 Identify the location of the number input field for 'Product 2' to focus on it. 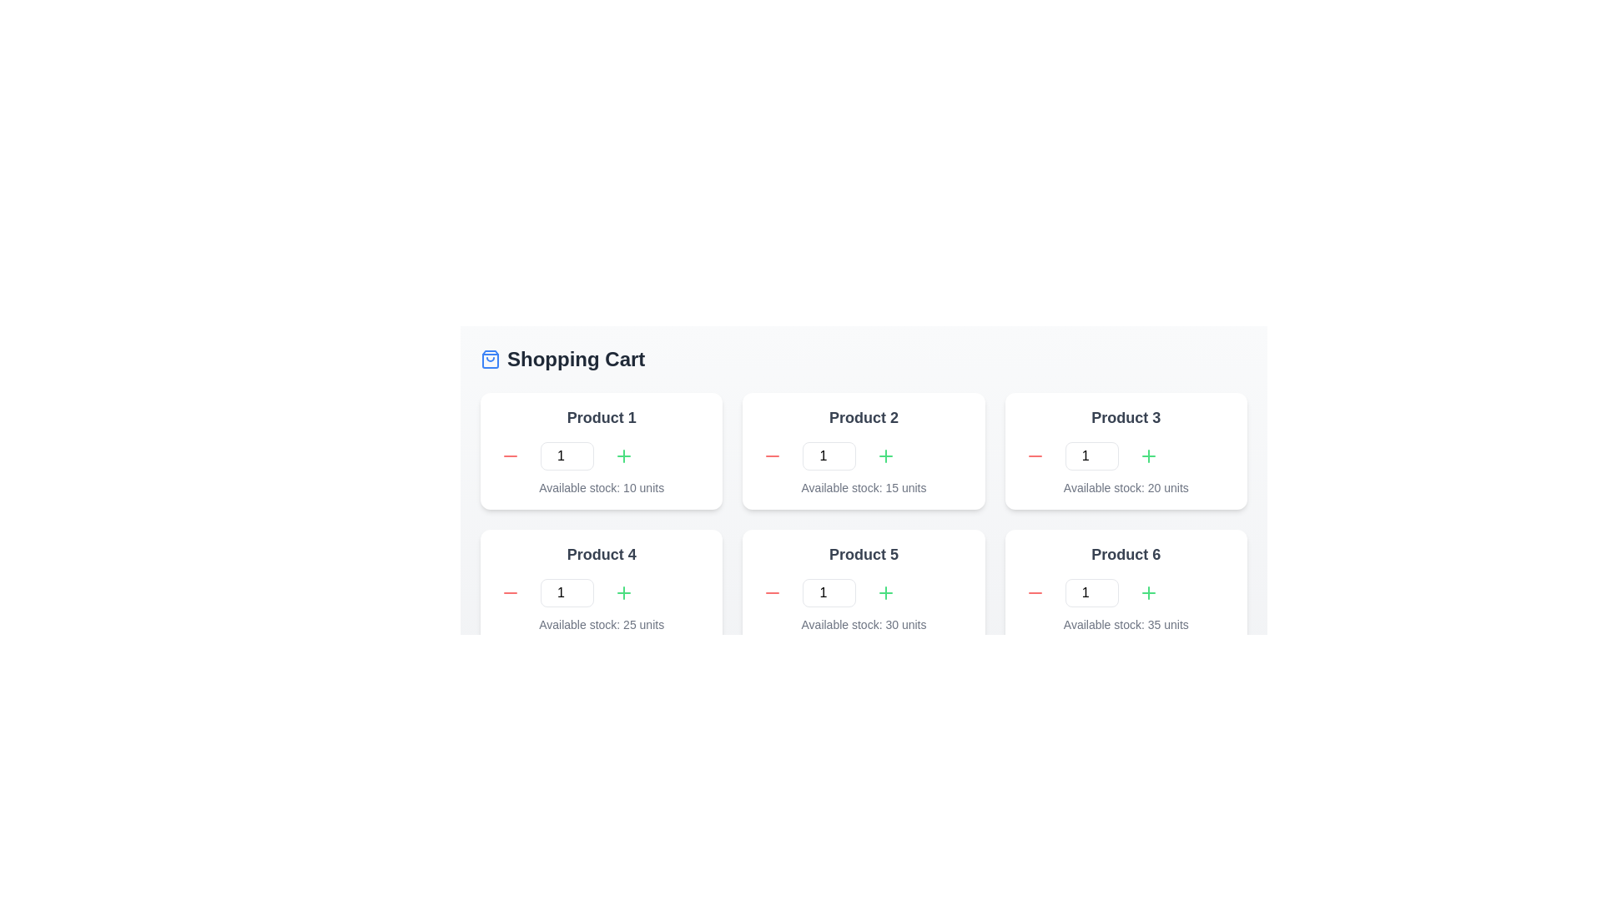
(829, 456).